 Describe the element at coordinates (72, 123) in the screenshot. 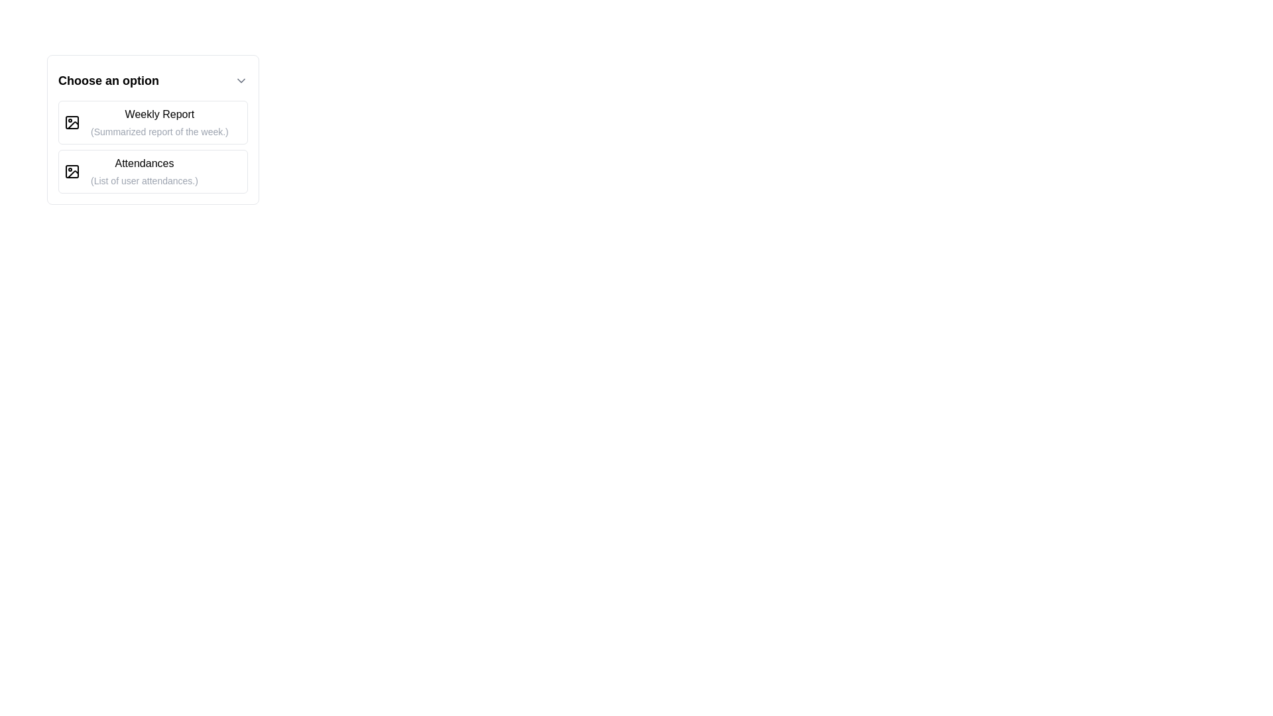

I see `the picture frame icon` at that location.